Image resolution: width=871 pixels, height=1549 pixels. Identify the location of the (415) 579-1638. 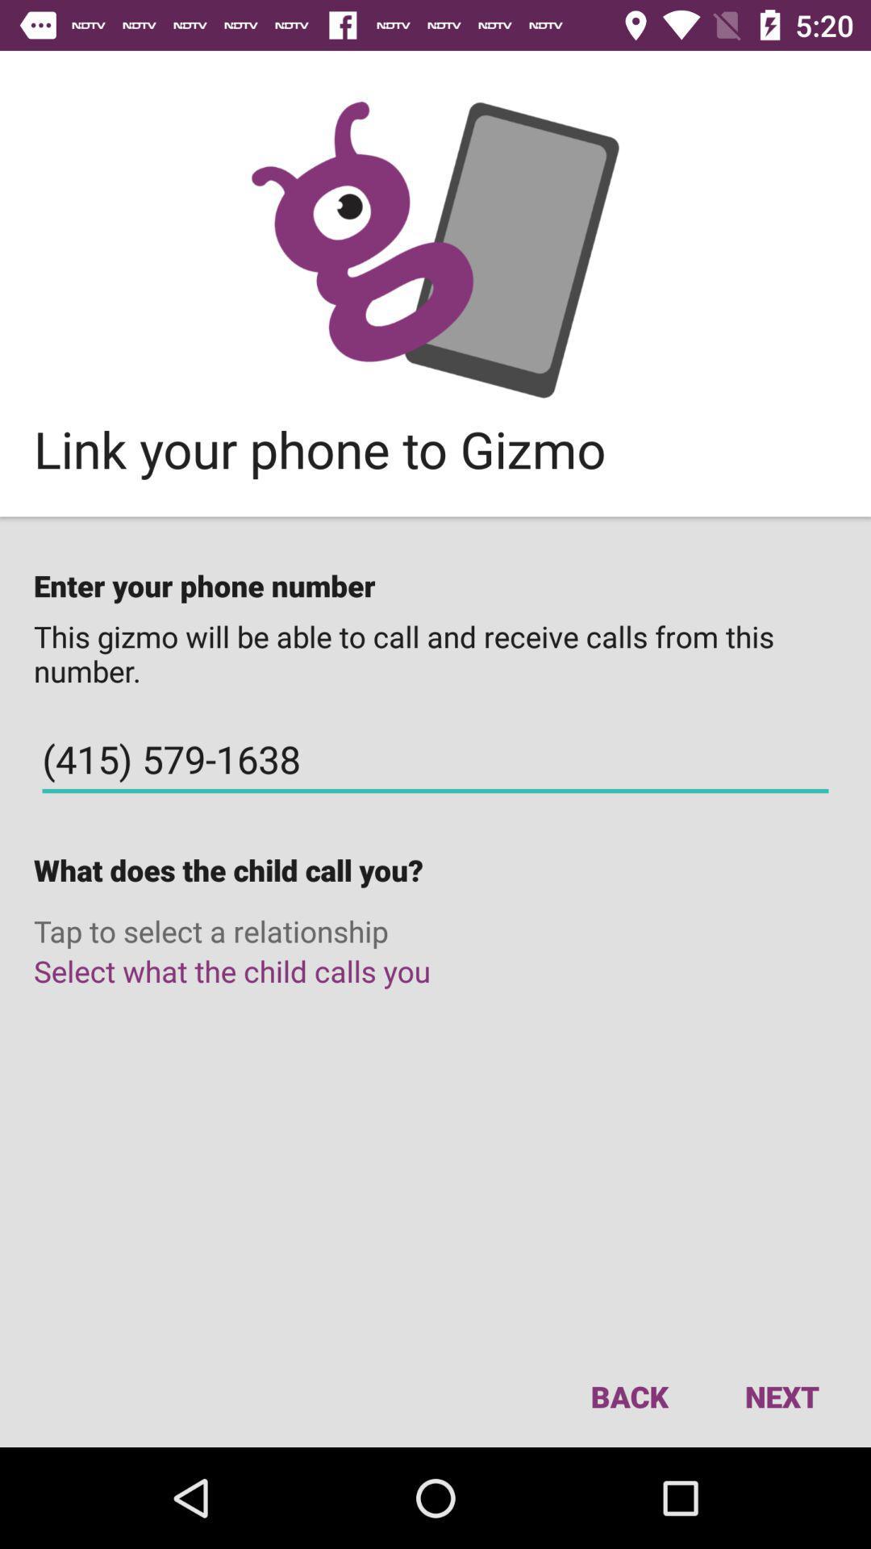
(435, 758).